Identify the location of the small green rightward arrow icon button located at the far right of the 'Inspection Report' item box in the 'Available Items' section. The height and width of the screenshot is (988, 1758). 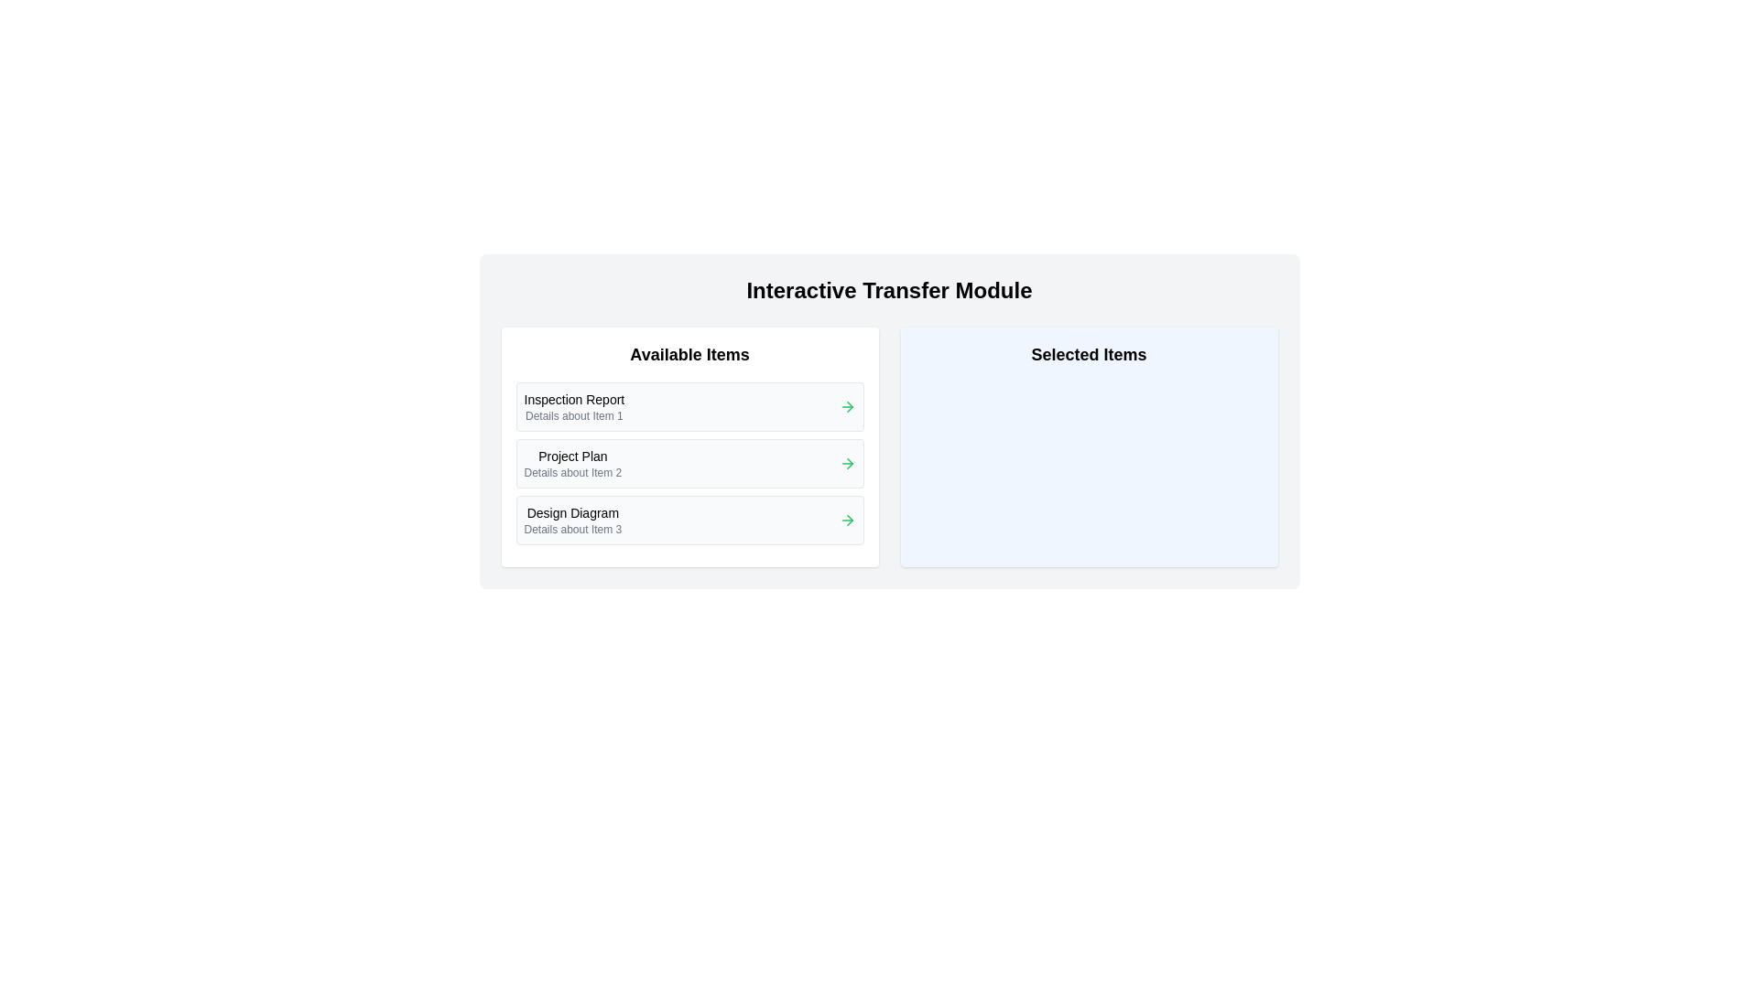
(846, 405).